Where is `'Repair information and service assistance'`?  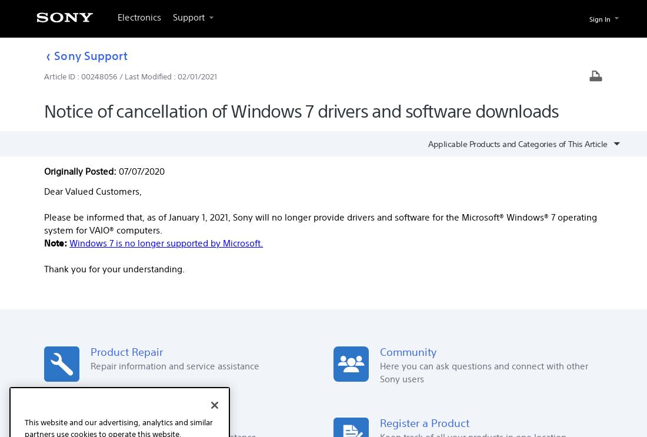
'Repair information and service assistance' is located at coordinates (174, 365).